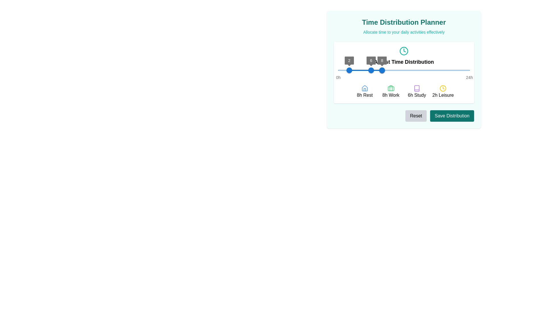 The width and height of the screenshot is (552, 310). What do you see at coordinates (404, 92) in the screenshot?
I see `the '6h Study' category grid item located within the 'Time Distribution Planner' layout` at bounding box center [404, 92].